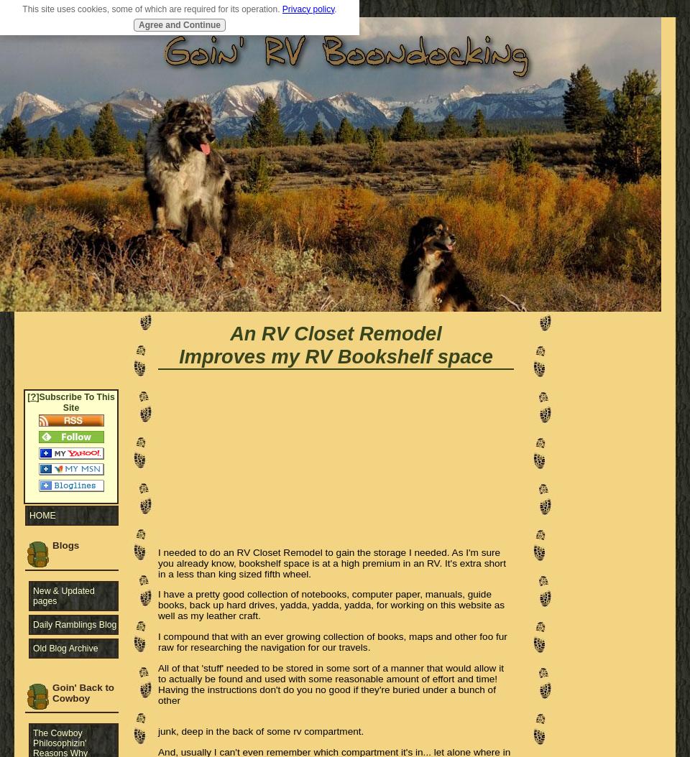 Image resolution: width=690 pixels, height=757 pixels. I want to click on 'I have
a pretty good collection of notebooks, computer paper, manuals, guide
books, back up hard drives, yadda, yadda, yadda, for working on this
website as well as my leather craft.', so click(331, 604).